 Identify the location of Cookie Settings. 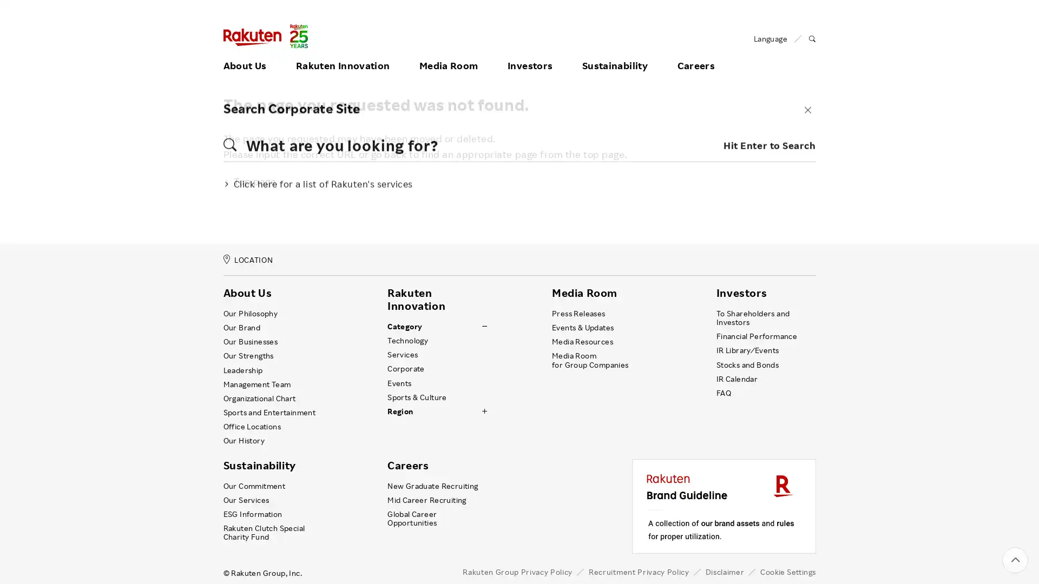
(787, 571).